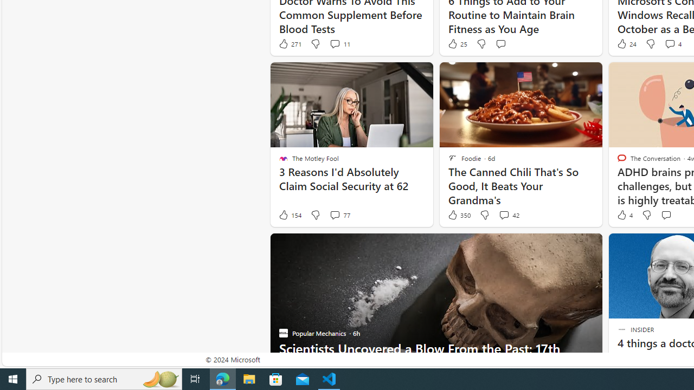  Describe the element at coordinates (459, 215) in the screenshot. I see `'350 Like'` at that location.